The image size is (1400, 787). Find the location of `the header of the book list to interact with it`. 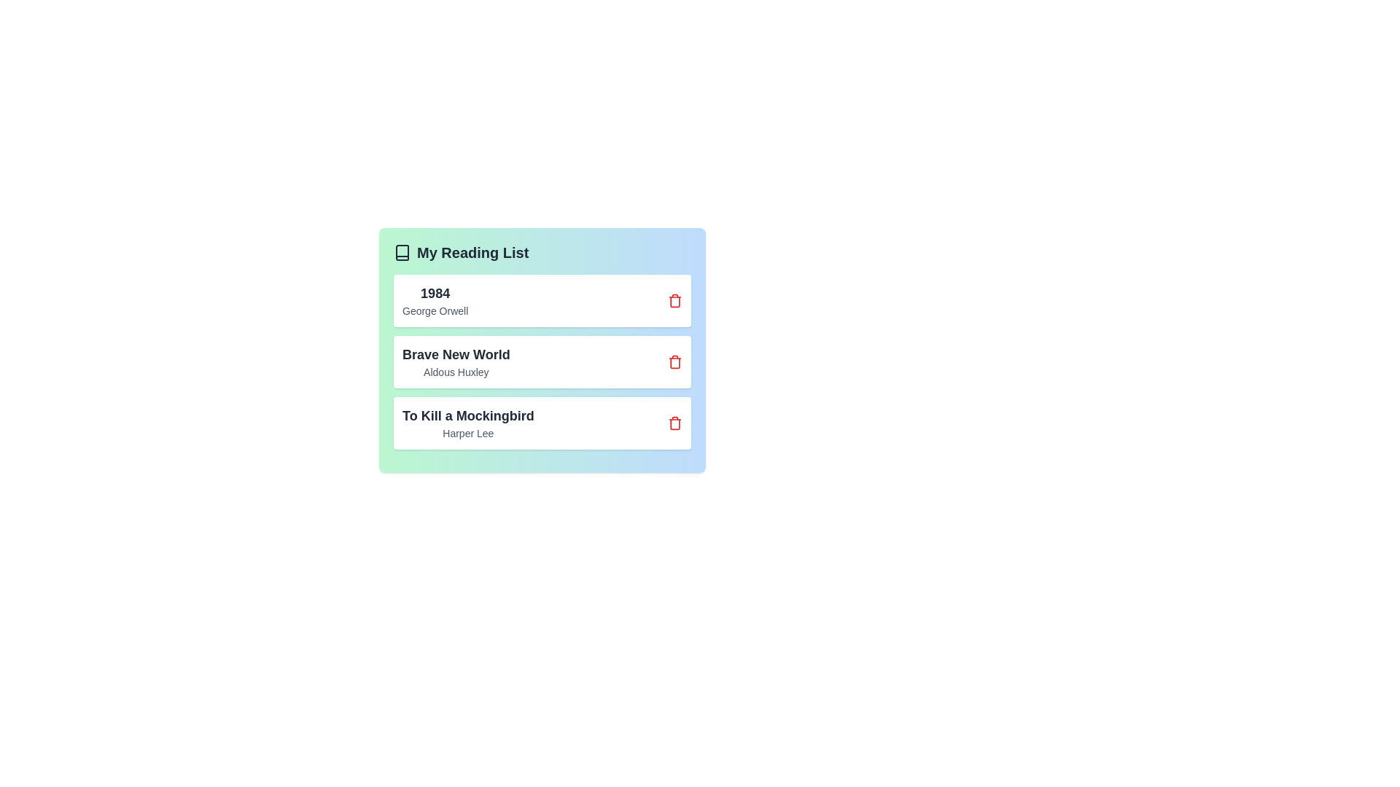

the header of the book list to interact with it is located at coordinates (542, 252).